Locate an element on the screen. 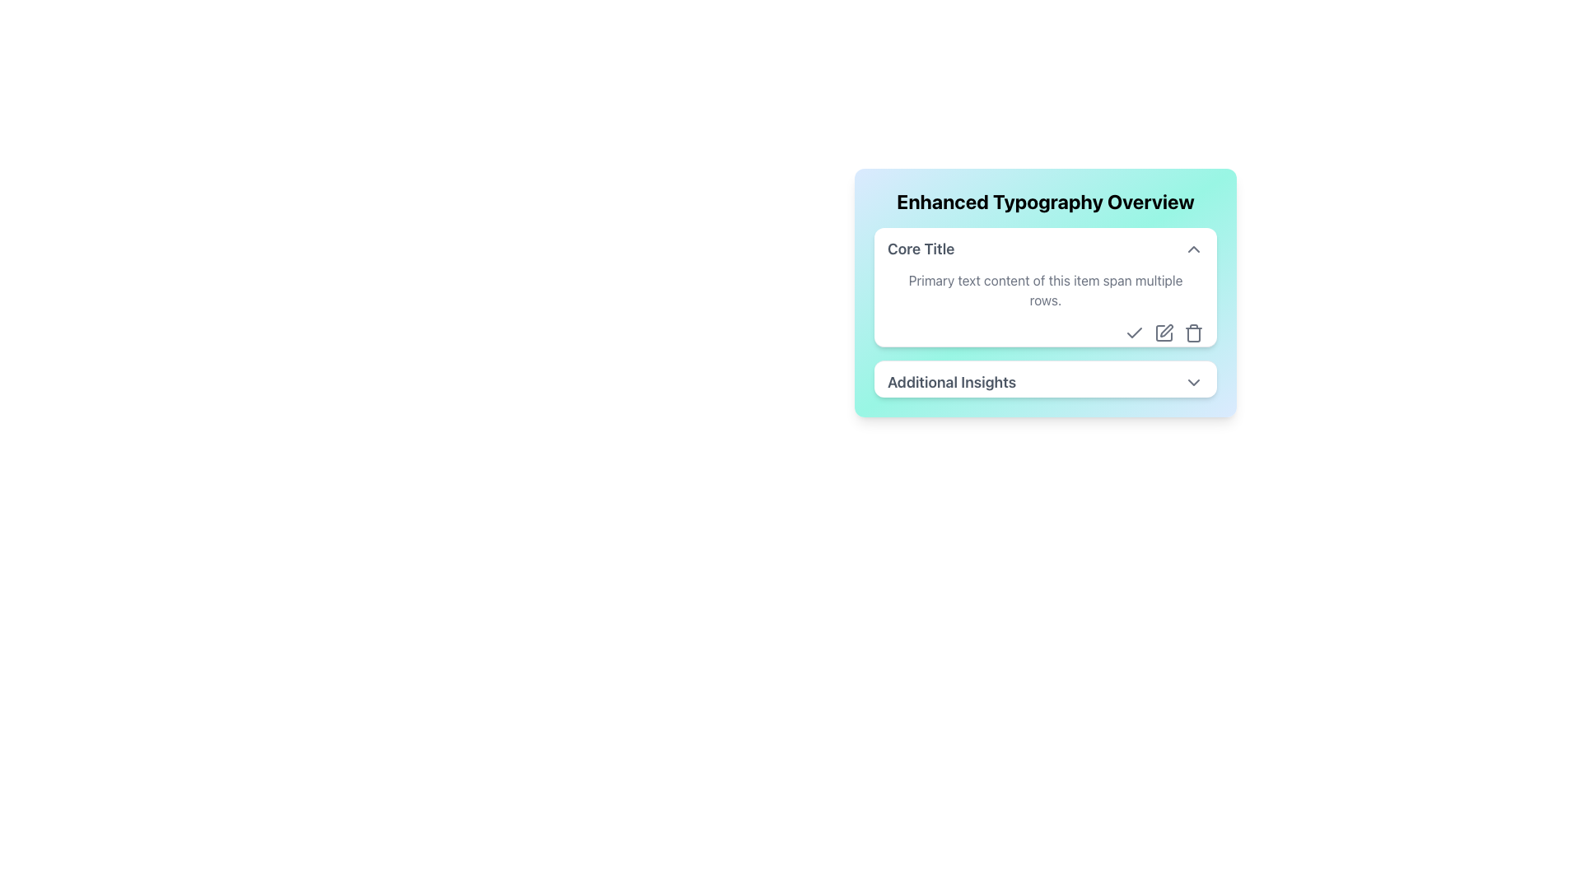  the static text label that reads 'Additional Insights', styled as bold and dark gray, located just below the white content box on a light gradient teal background is located at coordinates (952, 383).